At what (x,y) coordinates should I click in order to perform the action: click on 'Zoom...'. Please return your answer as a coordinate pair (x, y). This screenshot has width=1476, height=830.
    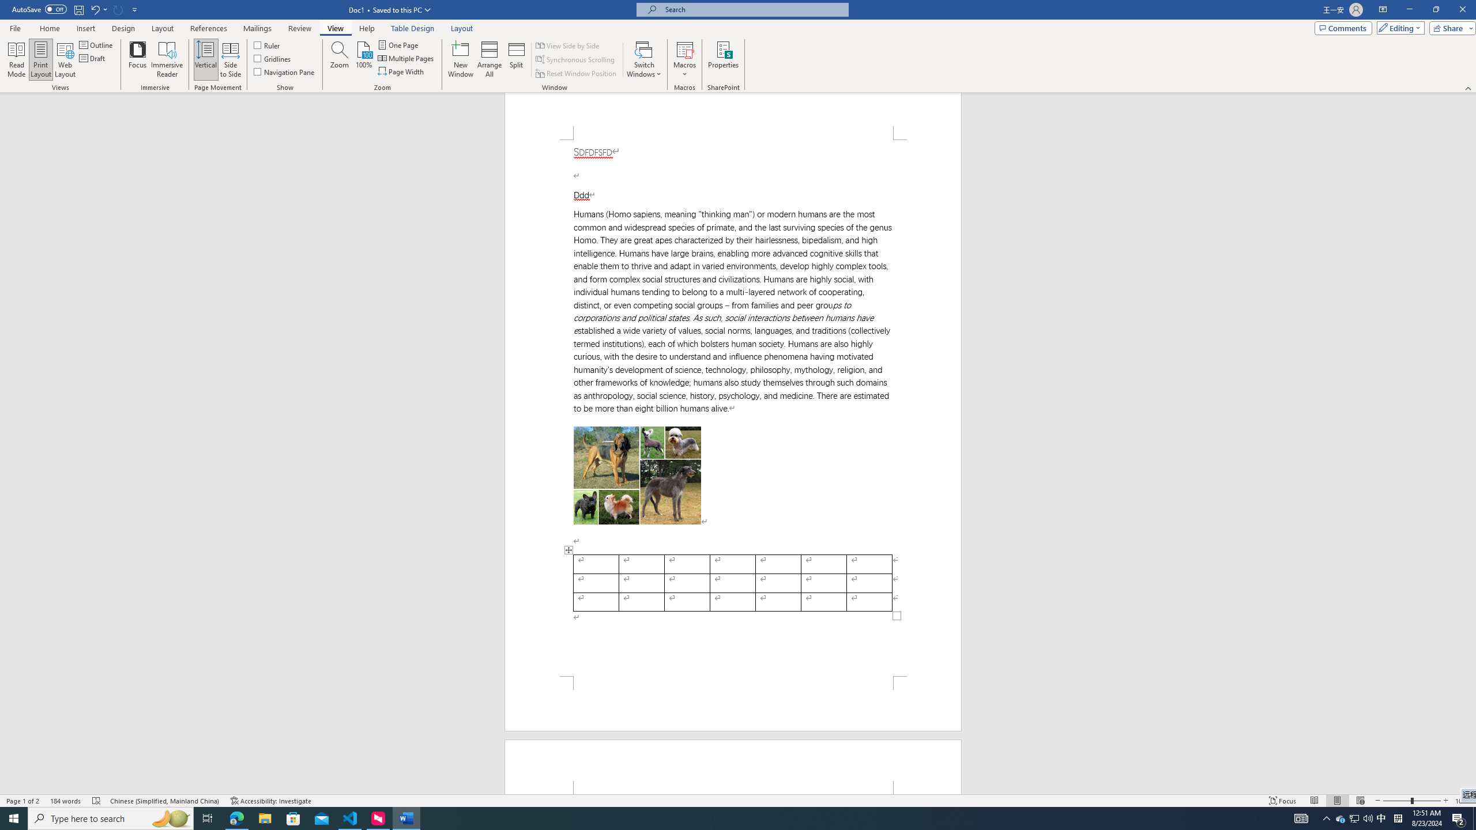
    Looking at the image, I should click on (338, 59).